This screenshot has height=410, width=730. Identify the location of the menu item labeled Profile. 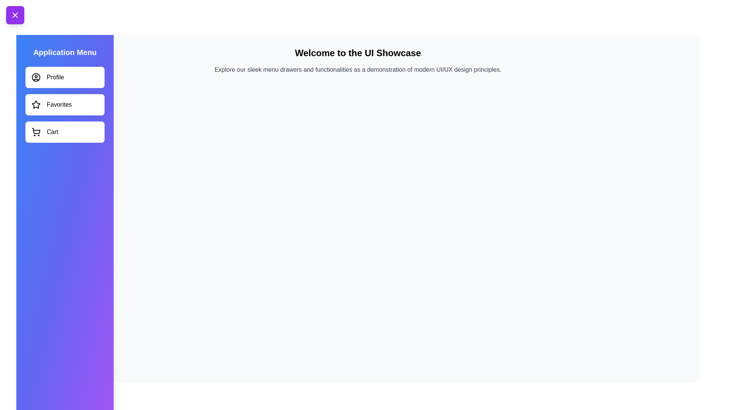
(65, 77).